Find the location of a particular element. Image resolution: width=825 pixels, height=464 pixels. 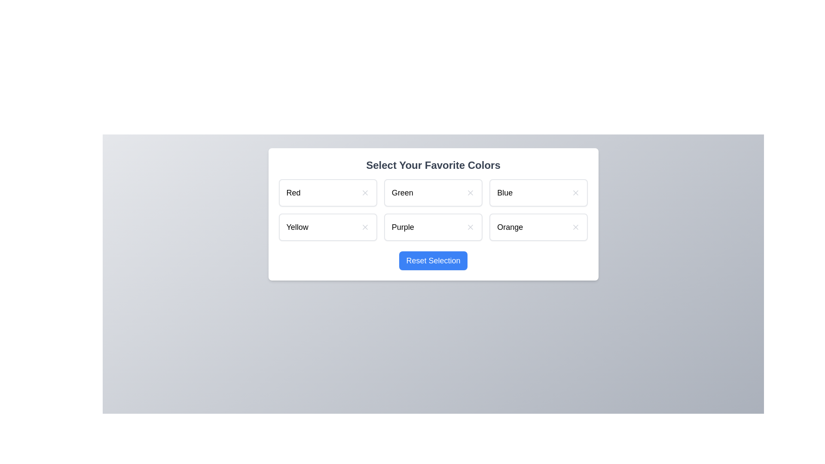

the color Red is located at coordinates (327, 192).